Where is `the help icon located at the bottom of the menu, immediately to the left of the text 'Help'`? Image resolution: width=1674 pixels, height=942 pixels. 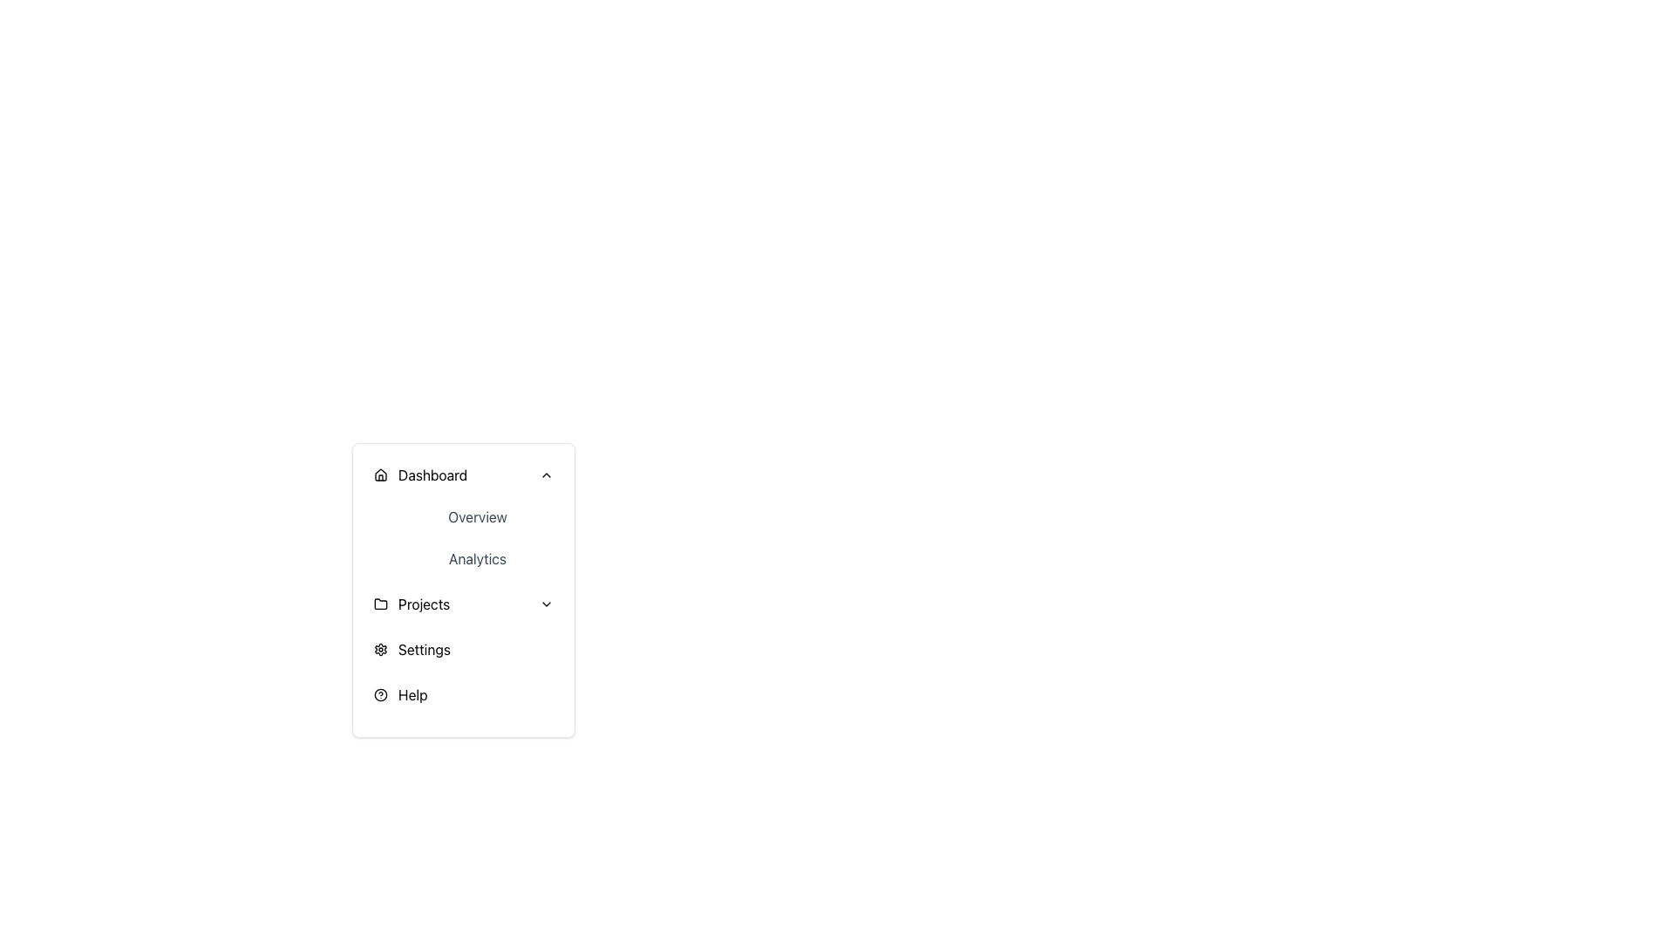 the help icon located at the bottom of the menu, immediately to the left of the text 'Help' is located at coordinates (379, 694).